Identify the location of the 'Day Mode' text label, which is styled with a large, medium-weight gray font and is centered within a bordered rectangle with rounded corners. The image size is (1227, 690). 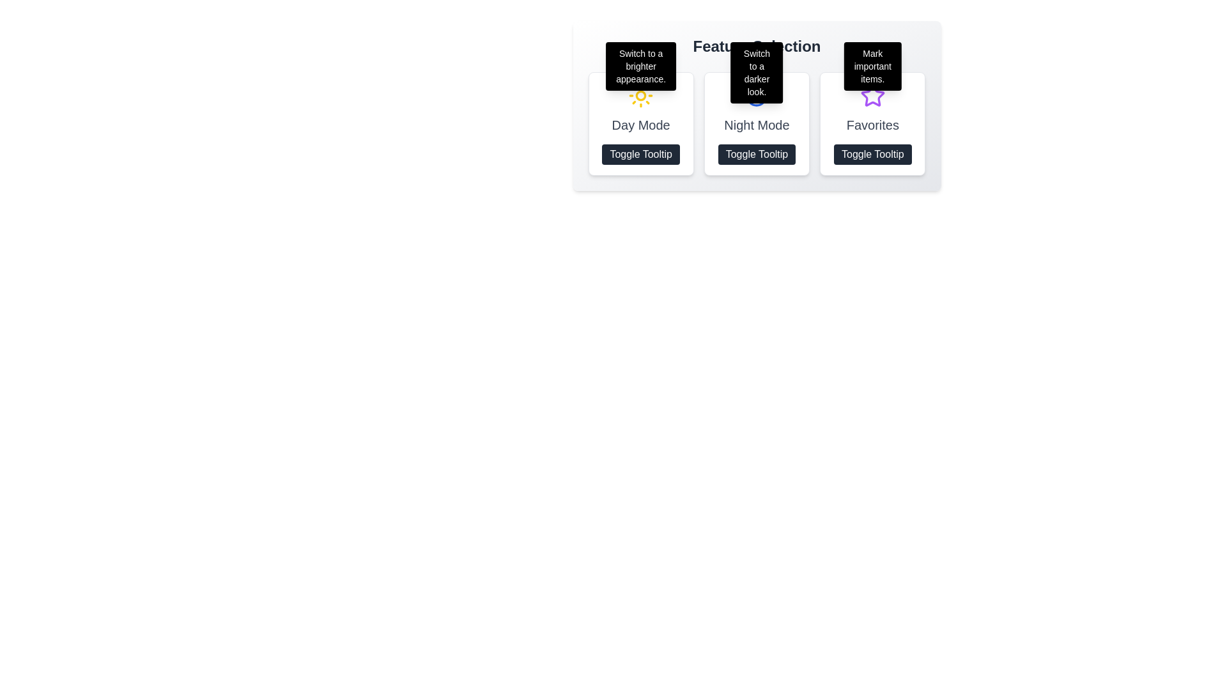
(641, 125).